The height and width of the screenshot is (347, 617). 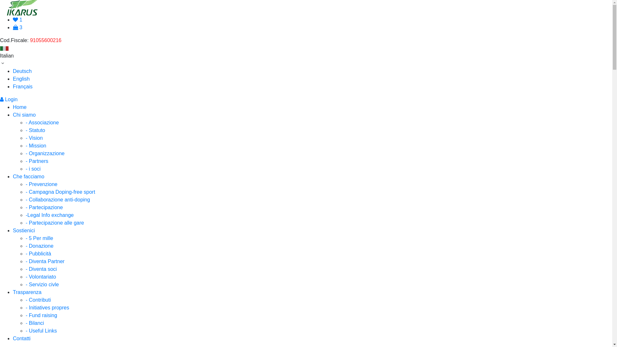 I want to click on '3', so click(x=17, y=27).